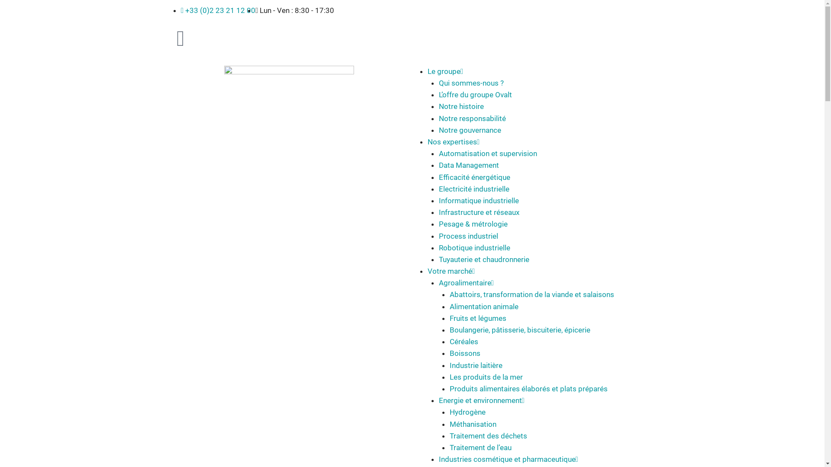 Image resolution: width=831 pixels, height=467 pixels. Describe the element at coordinates (218, 10) in the screenshot. I see `'+33 (0)2 23 21 12 00'` at that location.